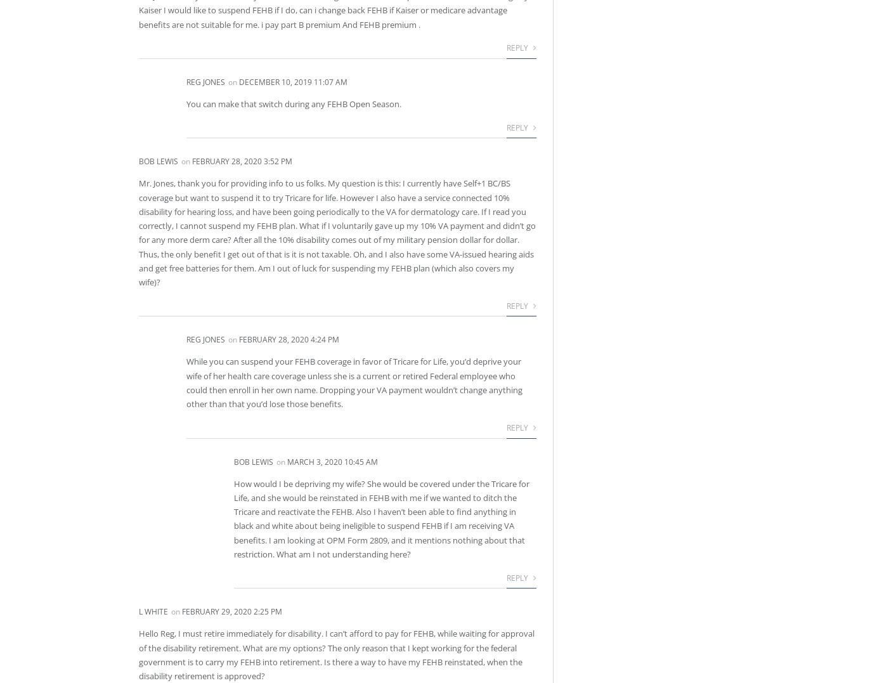 The width and height of the screenshot is (882, 683). What do you see at coordinates (337, 232) in the screenshot?
I see `'Mr. Jones, thank you for providing info to us folks. My question is this: I currently have Self+1 BC/BS coverage but want to suspend it to try Tricare for life. However I also have a service connected 10% disability for hearing loss, and have been going periodically to the VA for dermatology care. If I read you correctly, I cannot suspend my FEHB plan. What if I voluntarily gave up my 10% VA payment and didn’t go for any more derm care? After all the 10% disability comes out of my military pension dollar for dollar. Thus, the only benefit I get out of that is it is not taxable. Oh, and I also have some VA-issued hearing aids and get free batteries for them. Am I out of luck for suspending my FEHB plan (which also covers my wife)?'` at bounding box center [337, 232].